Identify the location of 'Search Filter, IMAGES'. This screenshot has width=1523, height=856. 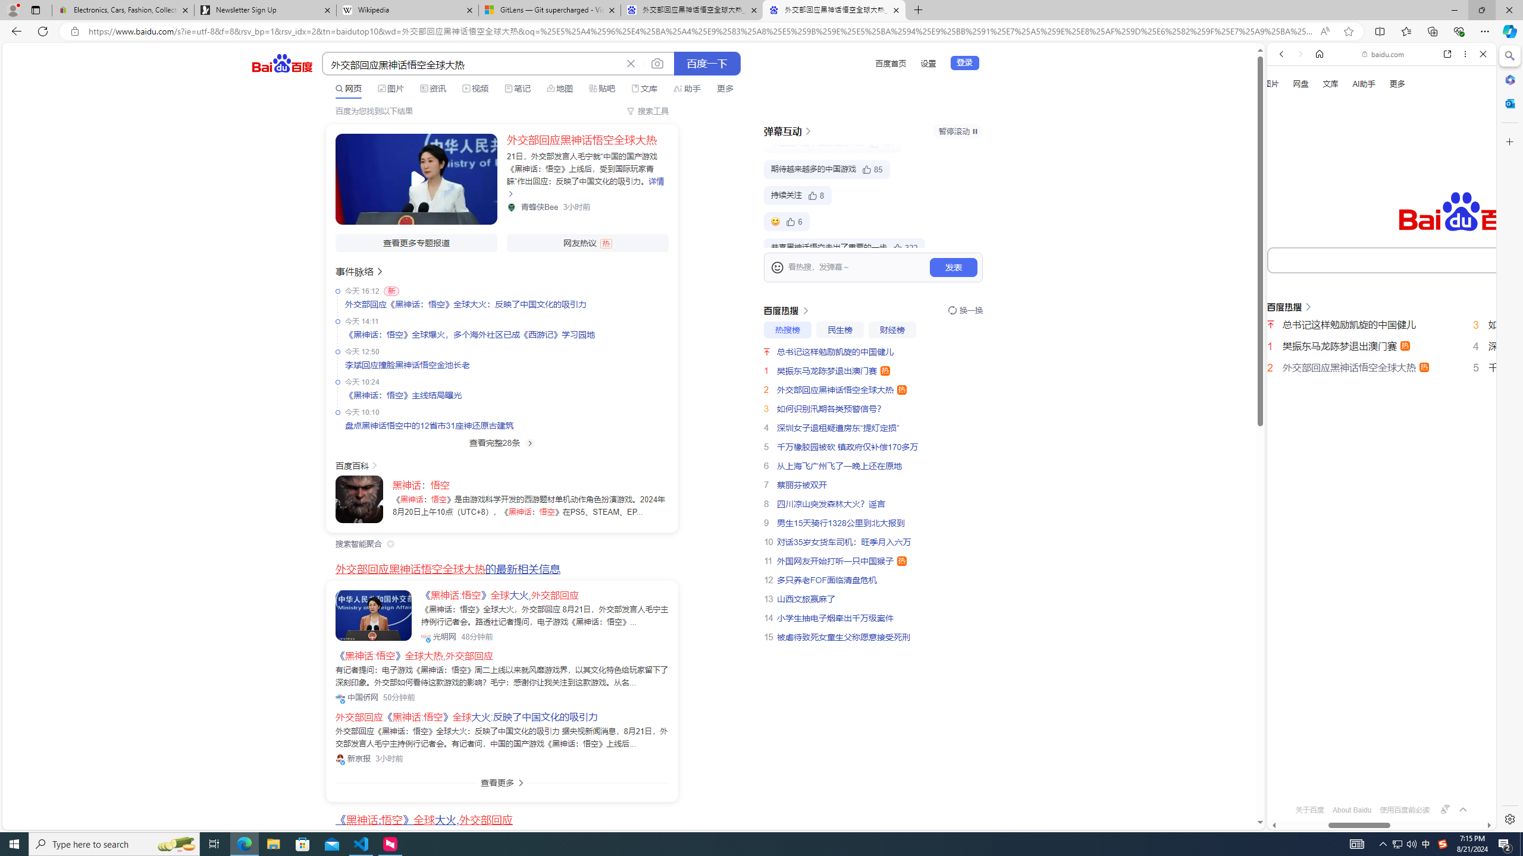
(1320, 200).